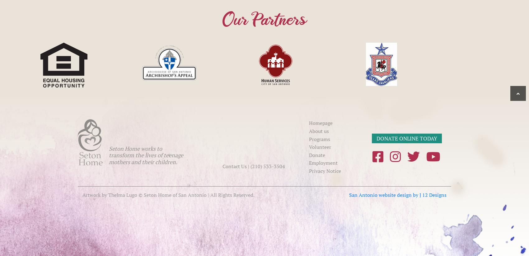 The width and height of the screenshot is (529, 256). I want to click on 'Donate', so click(316, 154).